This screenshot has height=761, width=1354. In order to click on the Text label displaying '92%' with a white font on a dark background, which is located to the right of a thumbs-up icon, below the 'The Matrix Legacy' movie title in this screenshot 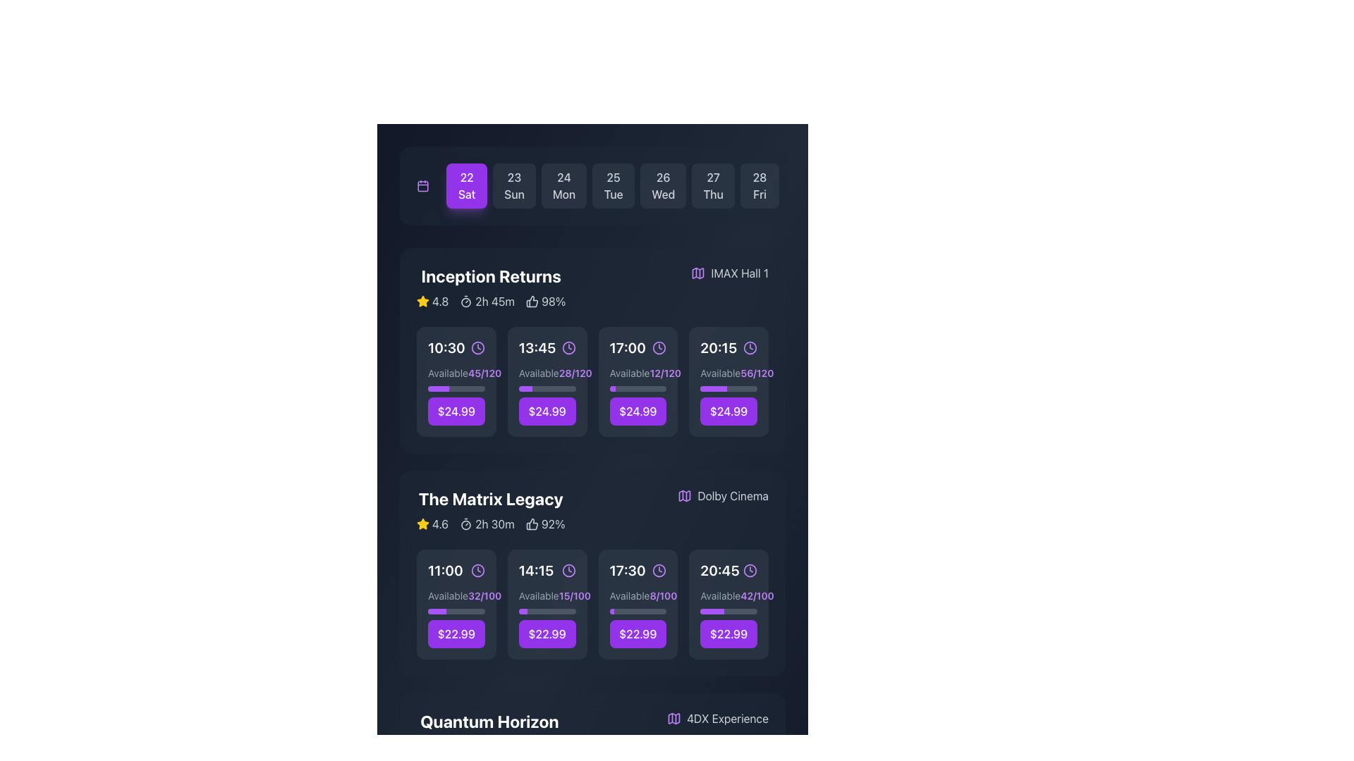, I will do `click(552, 524)`.